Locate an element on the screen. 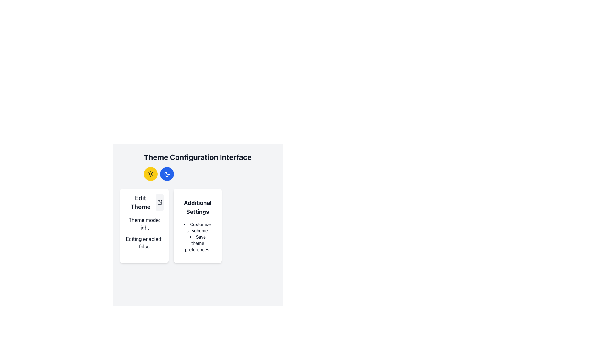 Image resolution: width=604 pixels, height=340 pixels. the sun-like icon within the light theme toggle area is located at coordinates (150, 174).